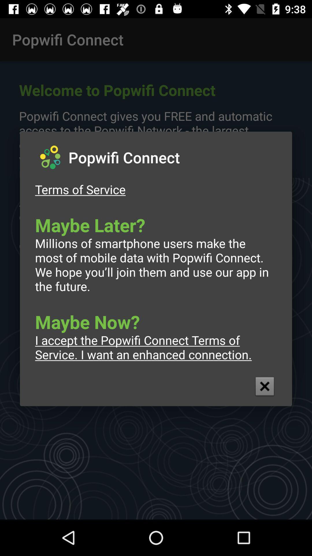 The height and width of the screenshot is (556, 312). Describe the element at coordinates (265, 386) in the screenshot. I see `item at the bottom right corner` at that location.